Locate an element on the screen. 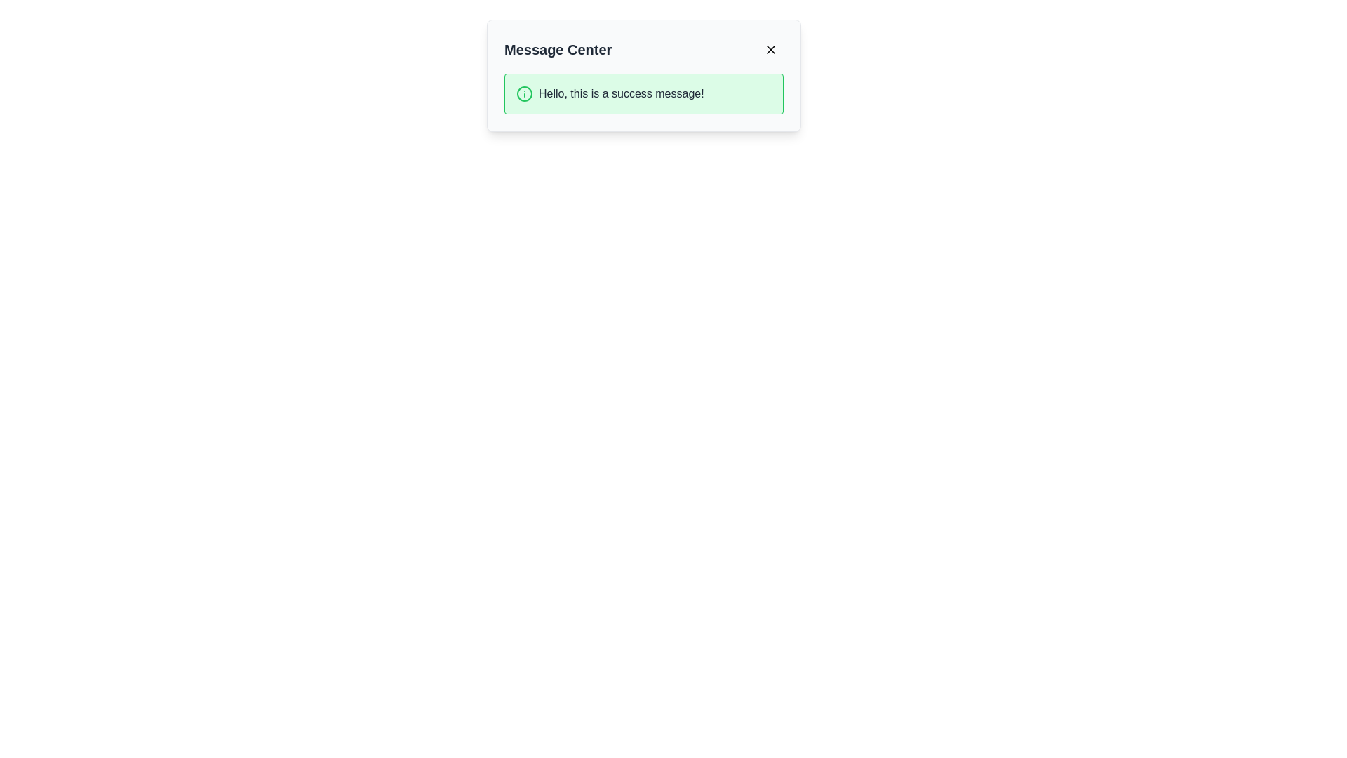 Image resolution: width=1347 pixels, height=758 pixels. the title label of the modal window located at the top-left corner, which is immediately to the left of a circular interactive button is located at coordinates (557, 48).